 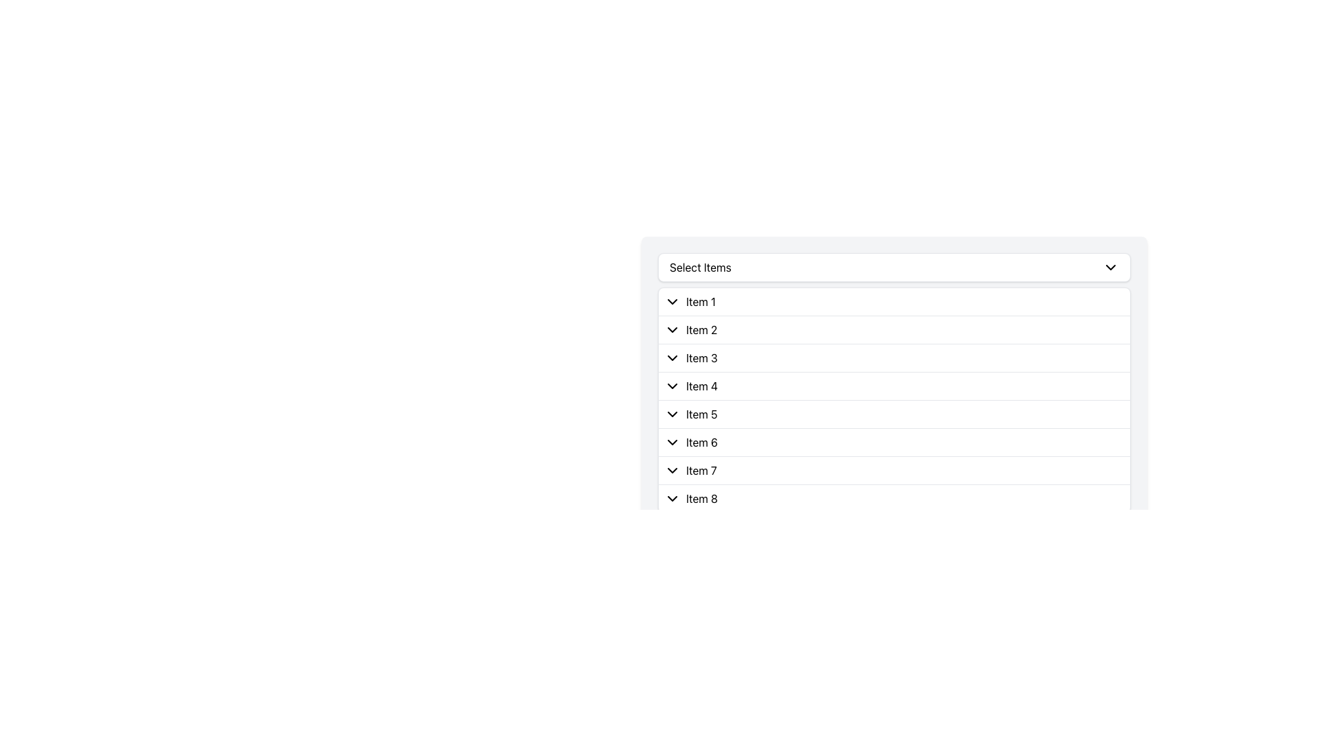 I want to click on the sixth item in a vertical list that has a collapsible chevron, located below 'Item 5' and above 'Item 7', so click(x=690, y=442).